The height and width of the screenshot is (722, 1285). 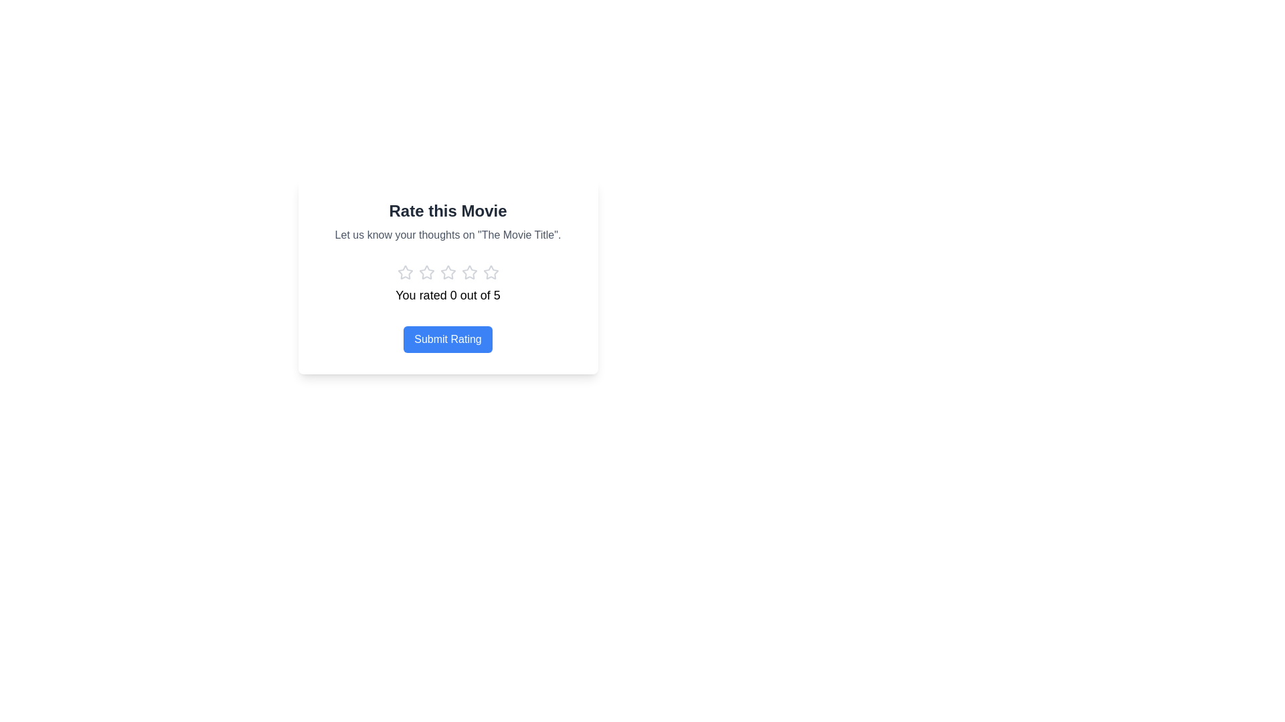 I want to click on the fourth star-shaped icon in the rating module, which is gray and has a hollow outline, so click(x=490, y=271).